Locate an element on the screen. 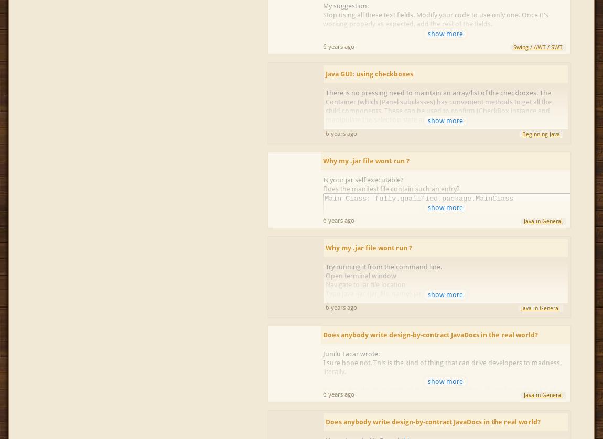  'My suggestion:' is located at coordinates (345, 6).